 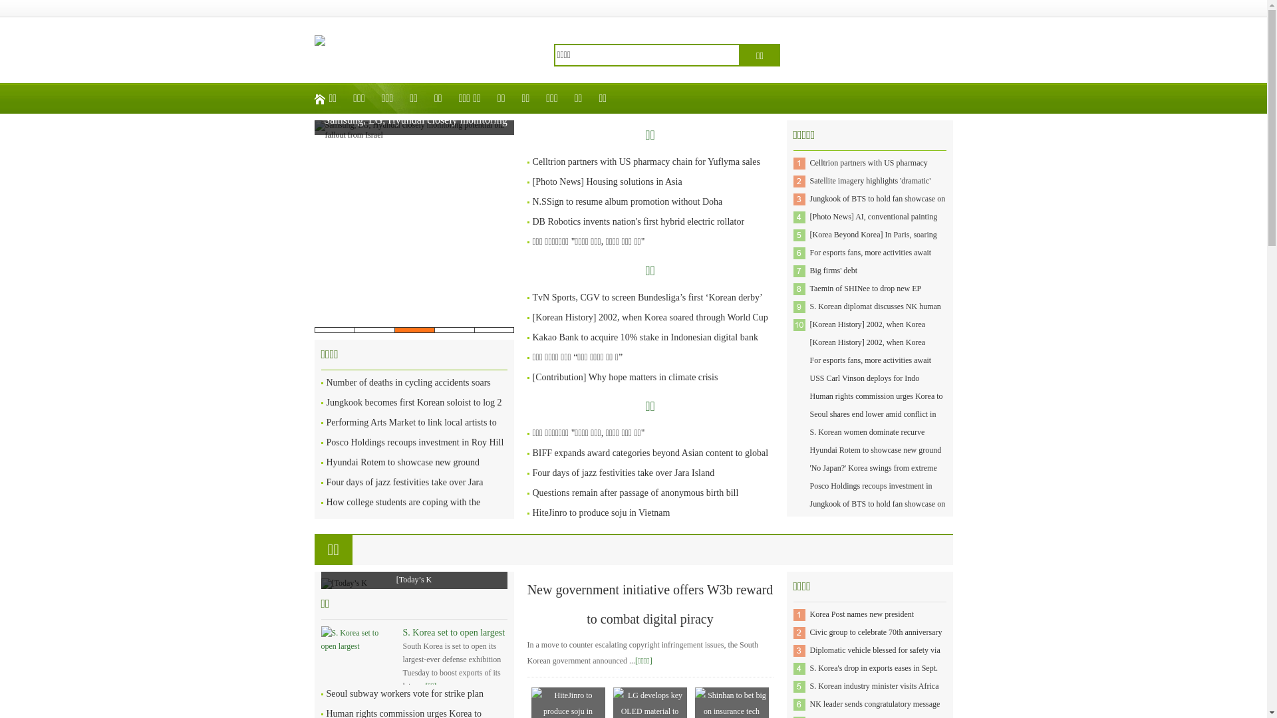 I want to click on '[Photo News] AI, conventional painting come together', so click(x=874, y=225).